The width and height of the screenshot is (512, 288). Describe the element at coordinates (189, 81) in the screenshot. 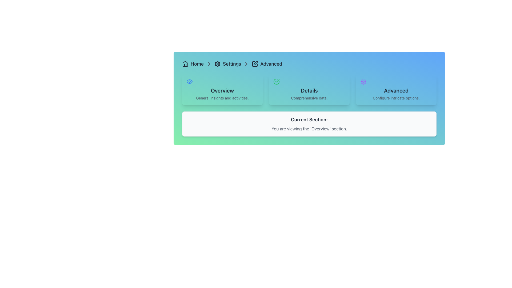

I see `the visibility icon located to the left of the 'Overview' header, which represents viewing options in the UI` at that location.